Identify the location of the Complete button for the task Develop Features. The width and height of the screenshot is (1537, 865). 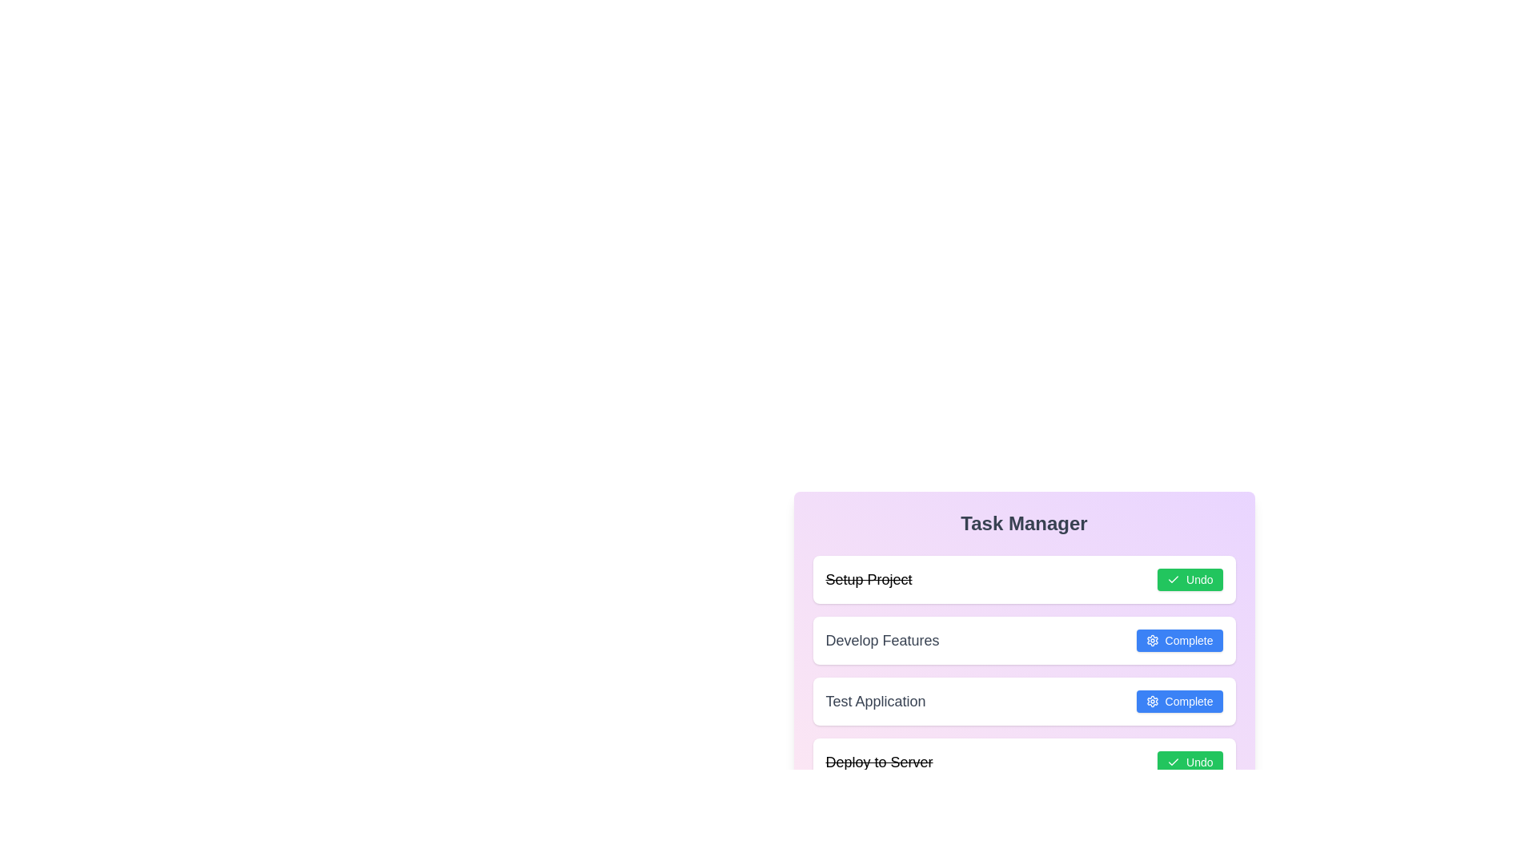
(1179, 639).